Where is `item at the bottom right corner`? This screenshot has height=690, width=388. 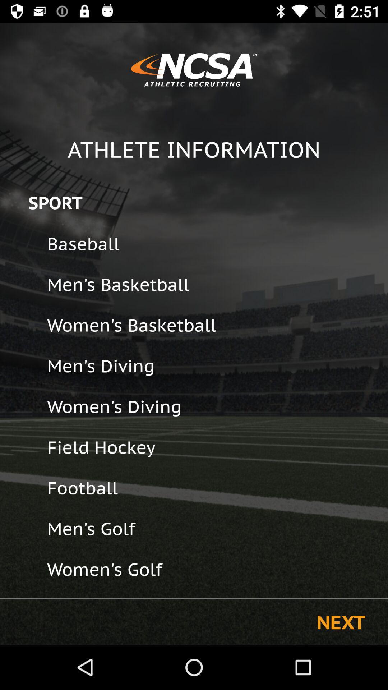
item at the bottom right corner is located at coordinates (341, 622).